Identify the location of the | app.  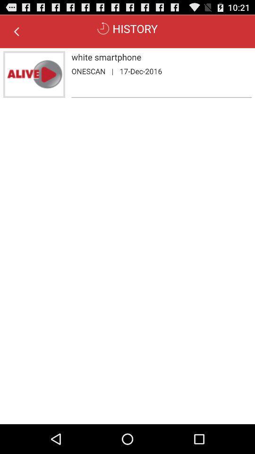
(112, 70).